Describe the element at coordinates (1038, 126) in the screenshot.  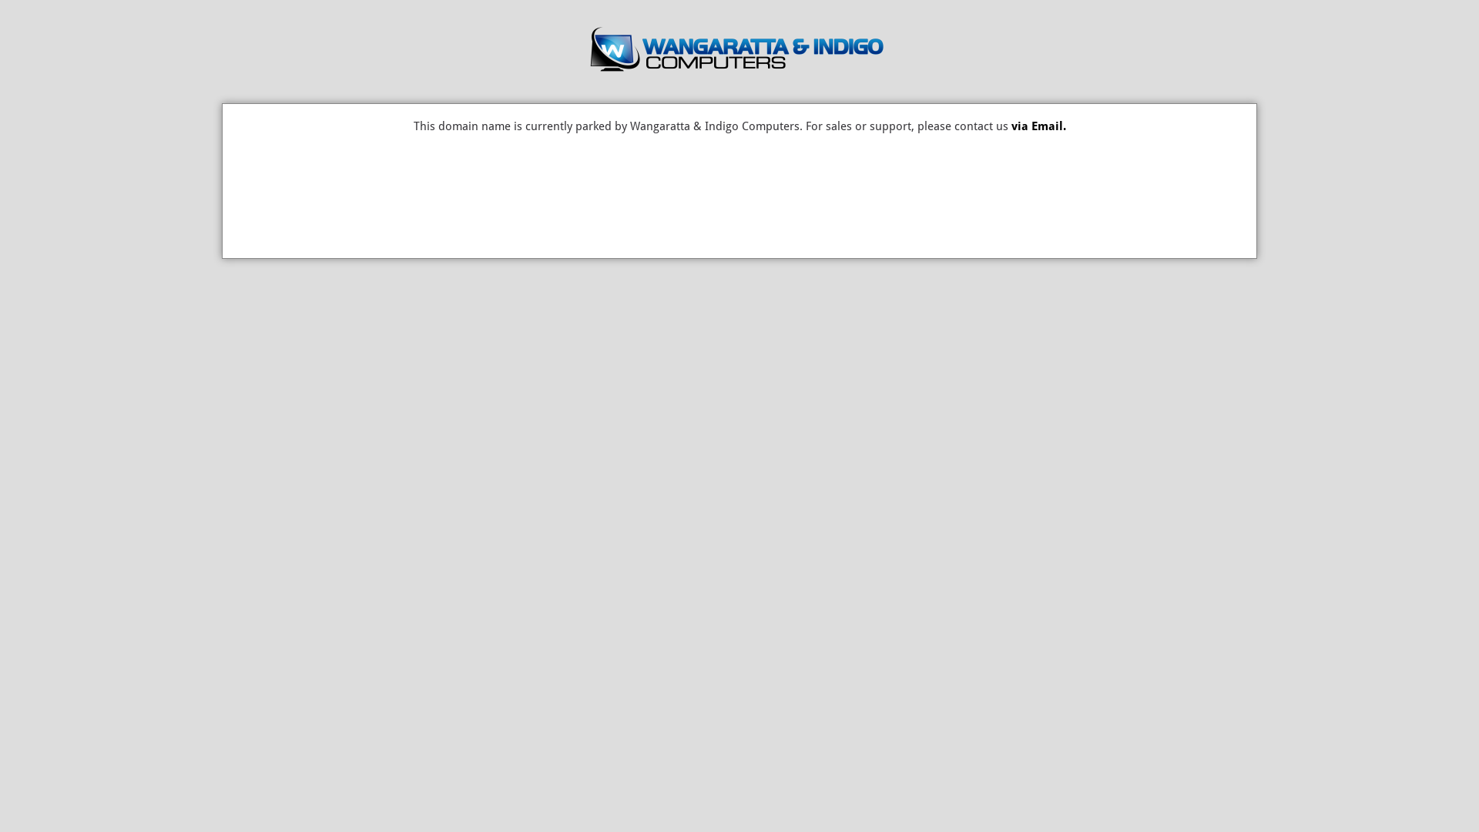
I see `'via Email.'` at that location.